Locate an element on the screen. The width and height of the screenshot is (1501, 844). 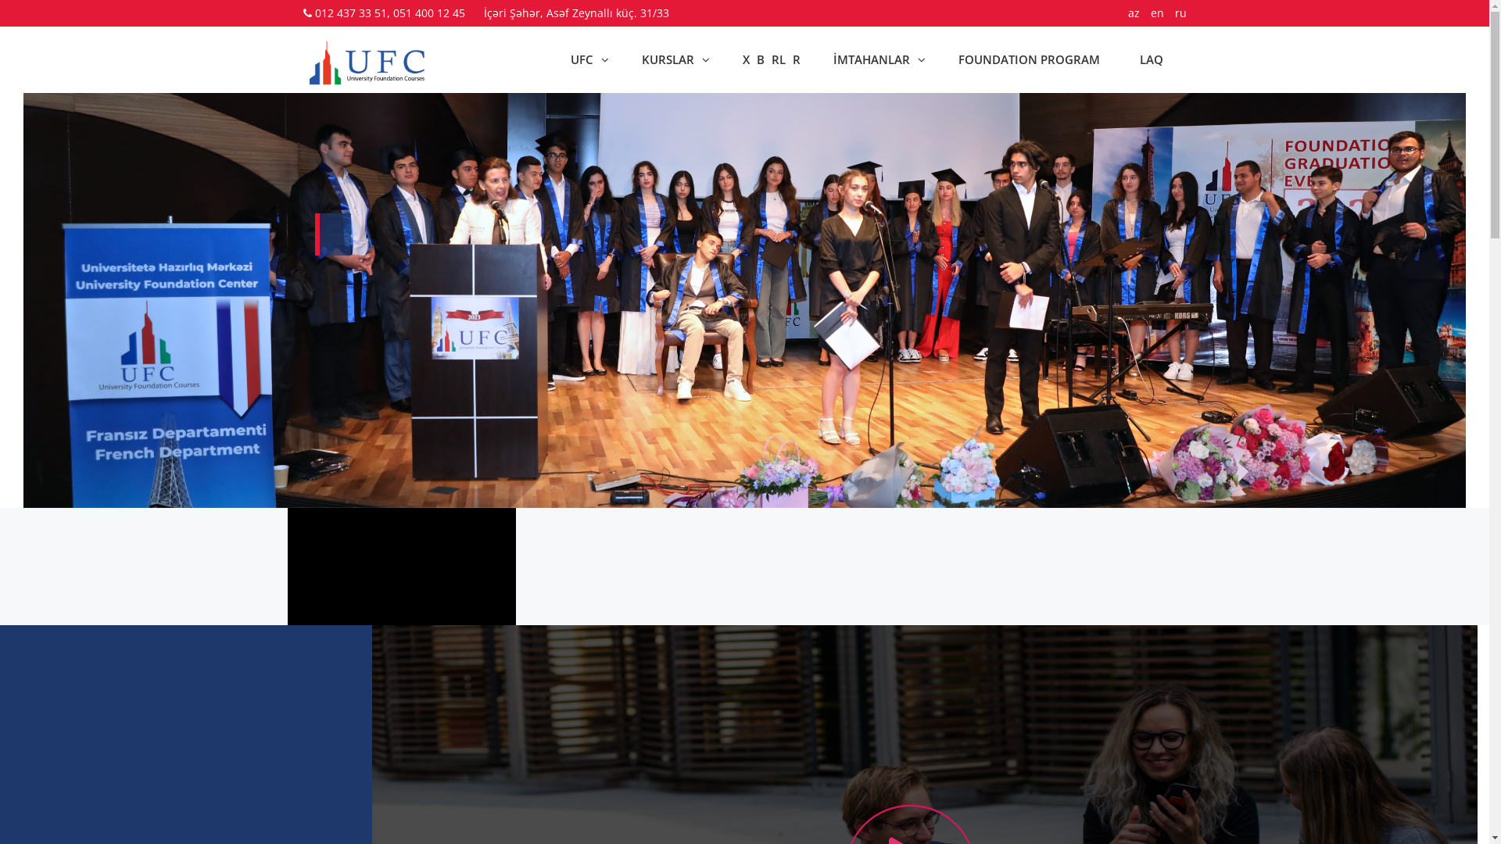
'012 437 33 51, 051 400 12 45' is located at coordinates (389, 13).